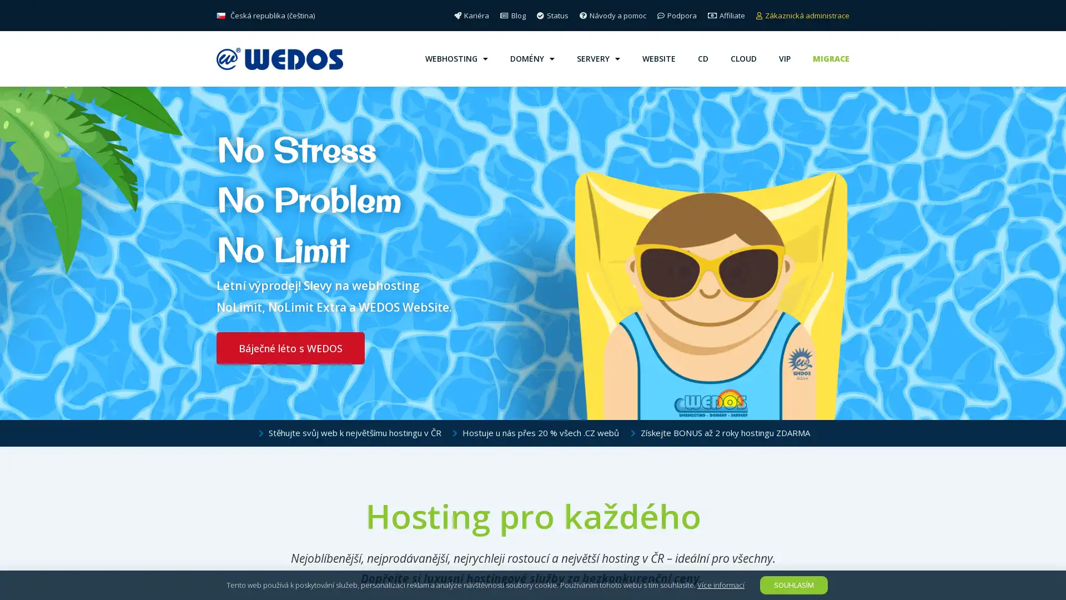 The width and height of the screenshot is (1066, 600). Describe the element at coordinates (793, 584) in the screenshot. I see `SOUHLASIM` at that location.